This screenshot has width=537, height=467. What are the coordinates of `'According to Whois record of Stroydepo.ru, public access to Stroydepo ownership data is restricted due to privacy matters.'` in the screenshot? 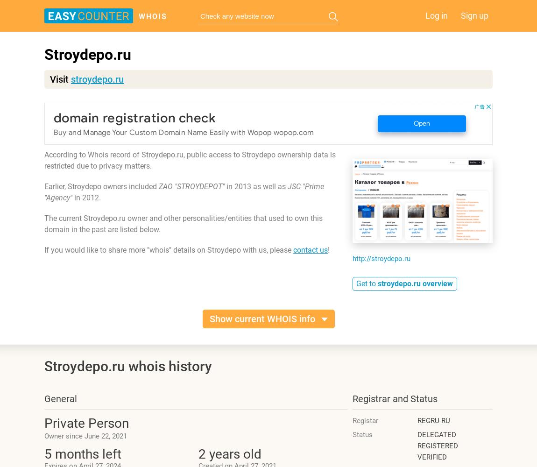 It's located at (190, 160).